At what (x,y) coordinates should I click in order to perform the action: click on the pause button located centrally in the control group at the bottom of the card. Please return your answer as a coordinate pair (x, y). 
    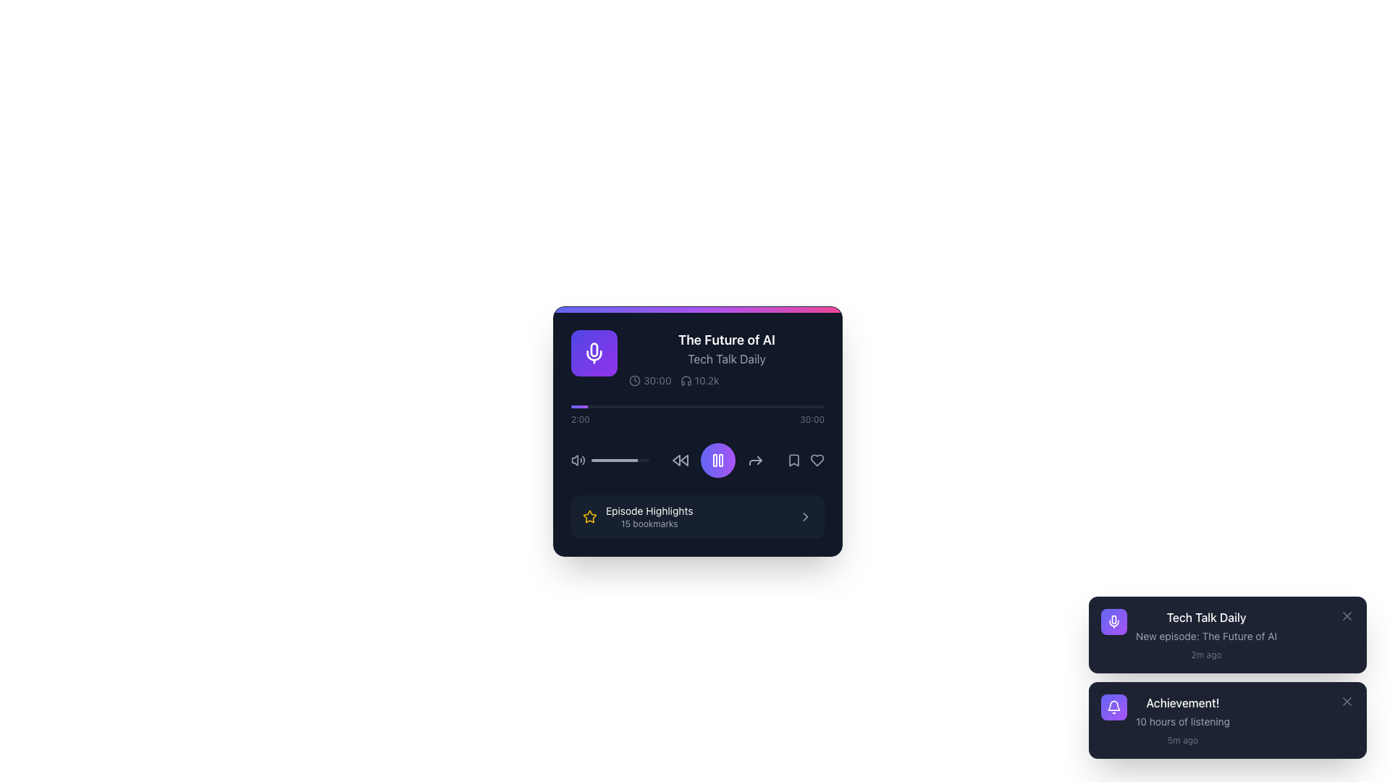
    Looking at the image, I should click on (718, 461).